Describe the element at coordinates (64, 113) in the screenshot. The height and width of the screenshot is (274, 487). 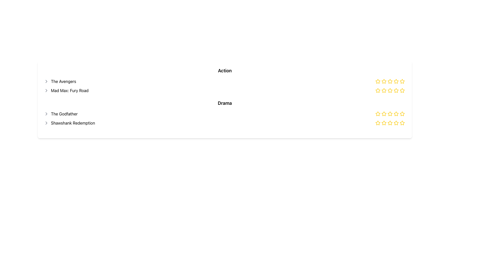
I see `the text label for the movie title positioned as the third item in a vertical list, below 'The Avengers' and 'Mad Max: Fury Road', and above 'Shawshank Redemption'` at that location.